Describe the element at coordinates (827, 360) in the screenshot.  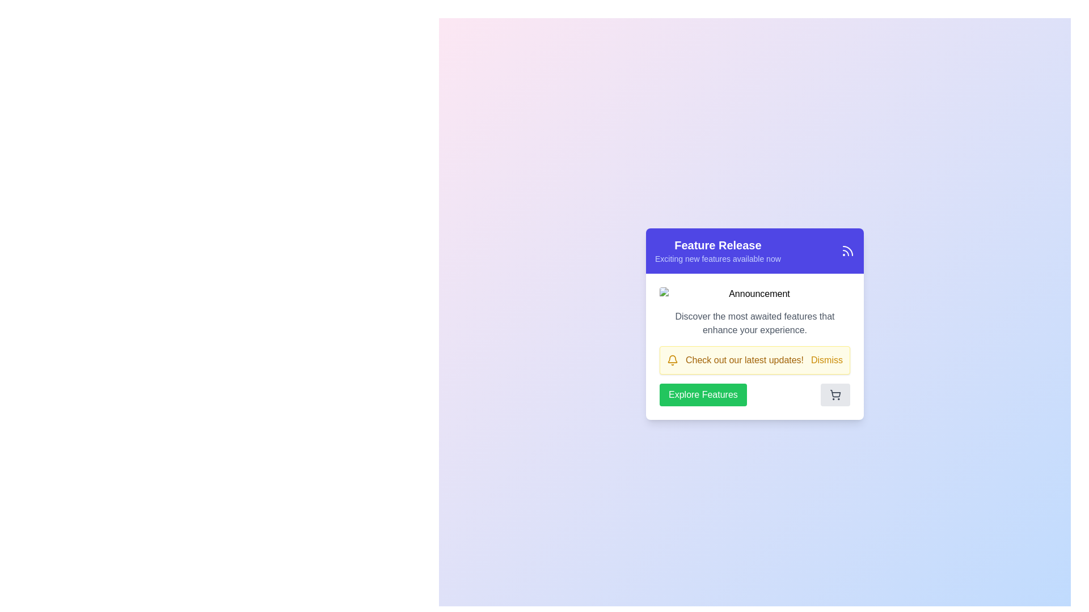
I see `the dismiss button located at the bottom-right corner of the notification panel` at that location.